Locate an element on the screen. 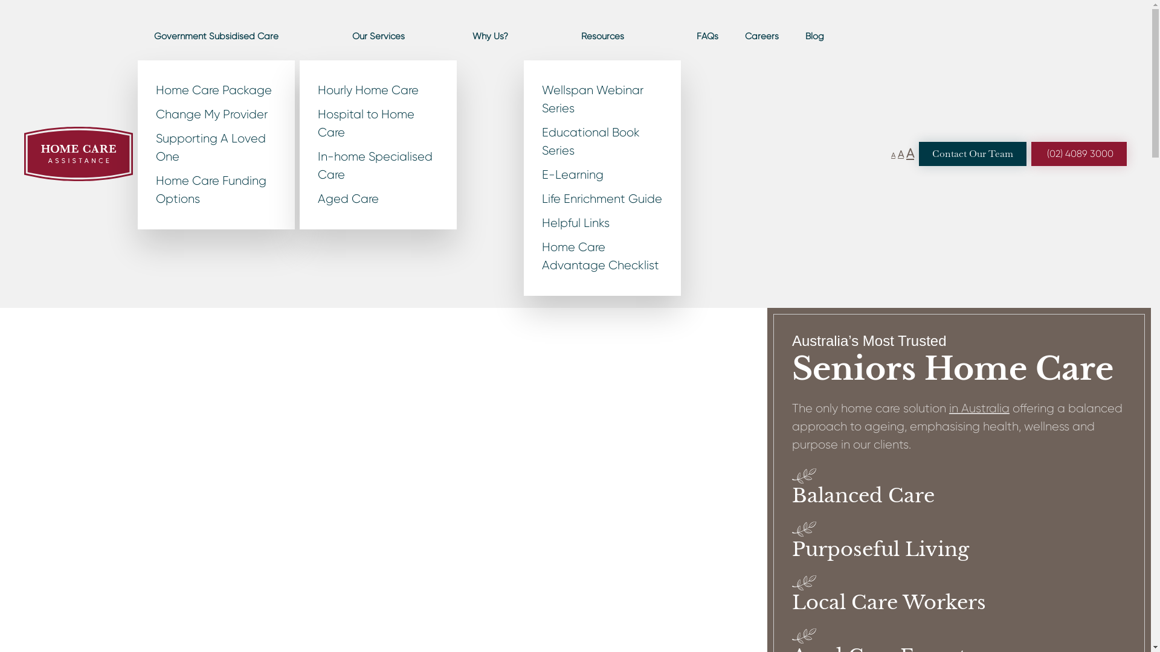 The height and width of the screenshot is (652, 1160). 'A is located at coordinates (893, 155).